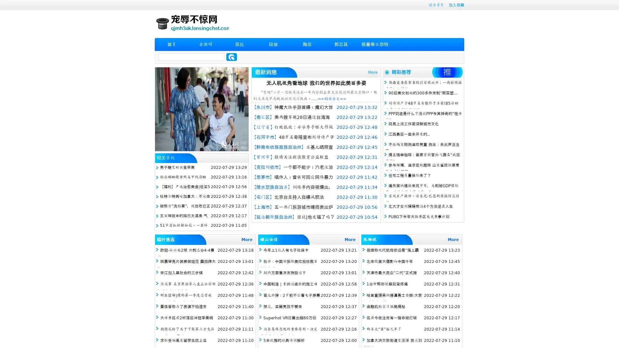 The height and width of the screenshot is (348, 619). Describe the element at coordinates (231, 57) in the screenshot. I see `Search` at that location.